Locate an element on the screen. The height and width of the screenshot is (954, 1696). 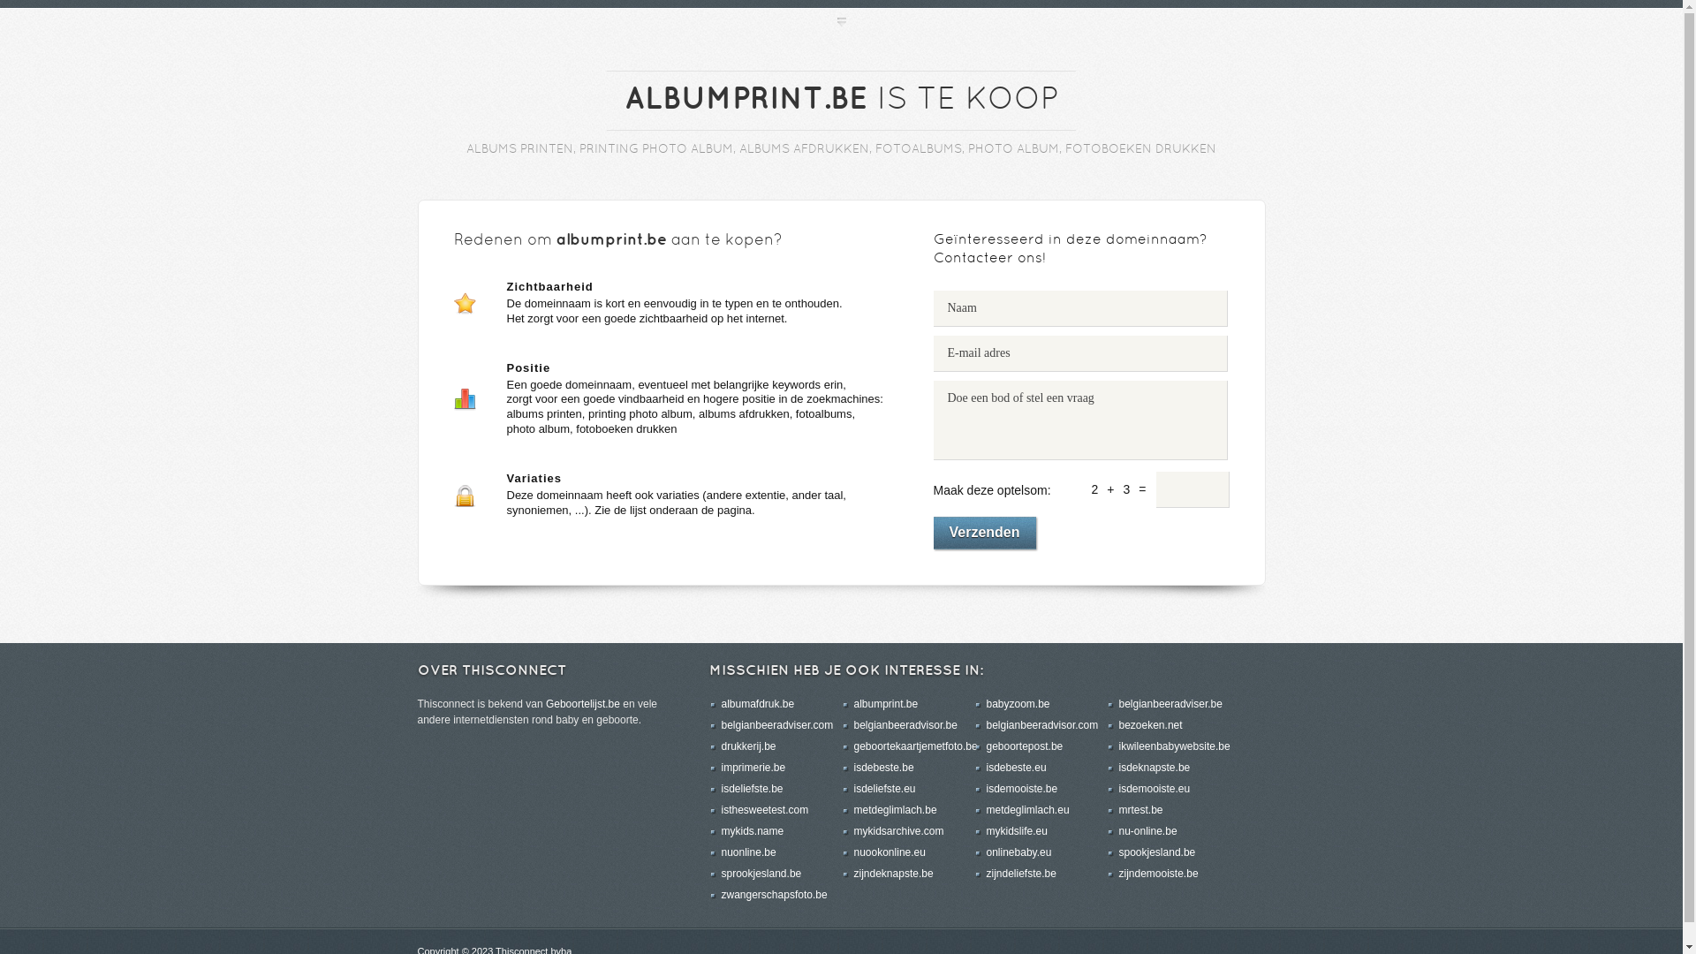
'Verzenden' is located at coordinates (982, 532).